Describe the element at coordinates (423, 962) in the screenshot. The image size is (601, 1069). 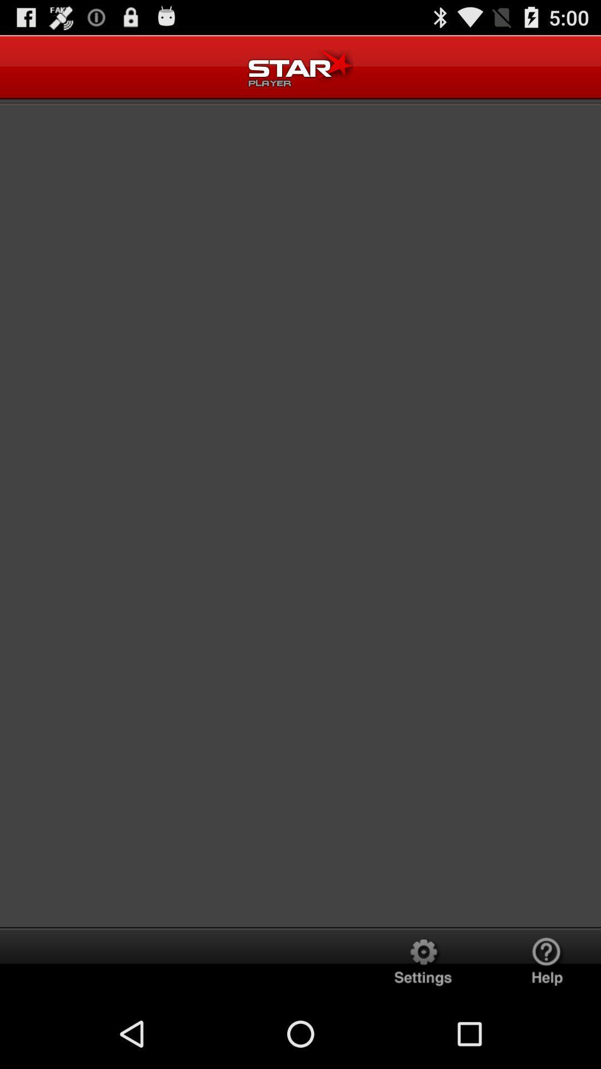
I see `settings` at that location.